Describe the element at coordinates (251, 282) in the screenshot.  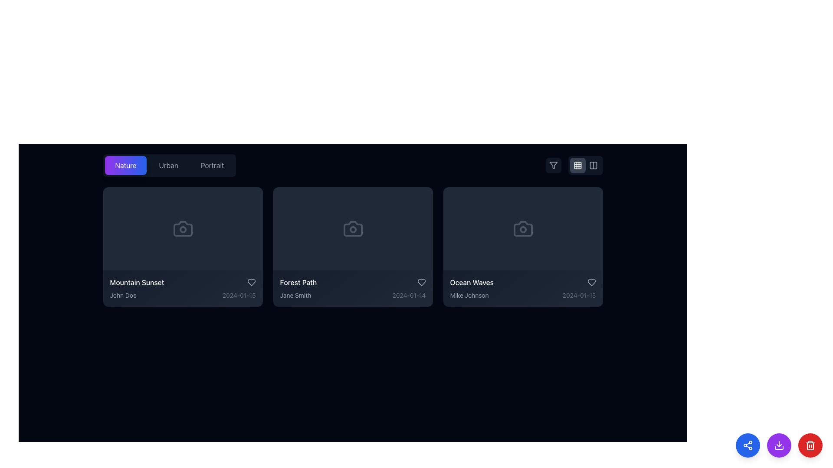
I see `the favorite button located at the bottom-right corner of the 'Mountain Sunset' card to mark it as a favorite` at that location.